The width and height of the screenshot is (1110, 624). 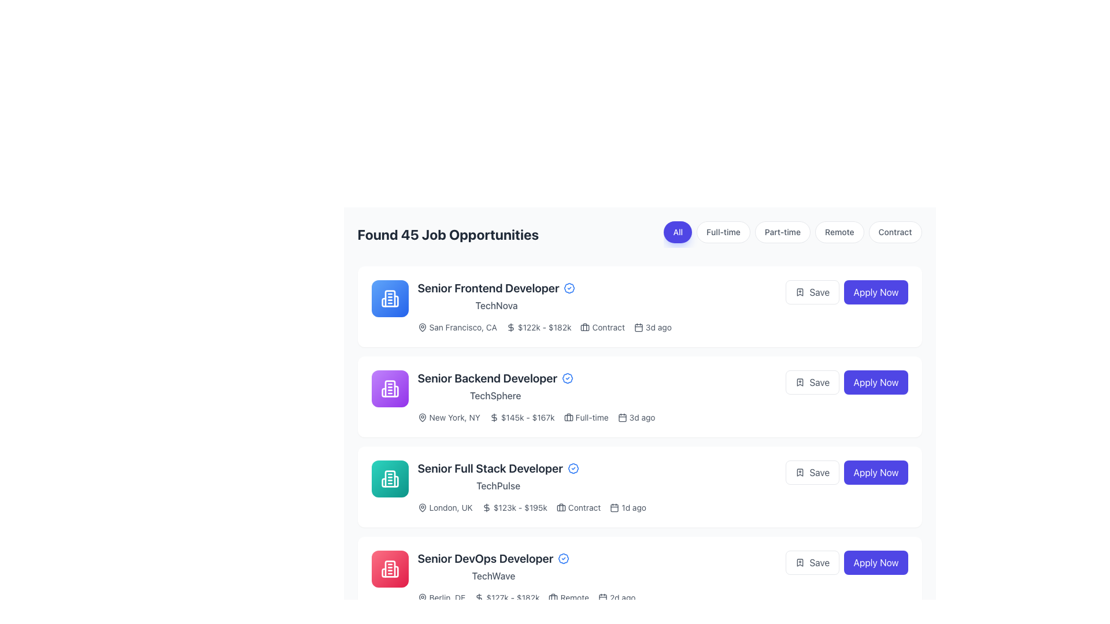 I want to click on the small calendar icon located in the bottom right corner of the job listing card for the 'Senior DevOps Developer' position, which is adjacent to the text '2d ago', so click(x=602, y=597).